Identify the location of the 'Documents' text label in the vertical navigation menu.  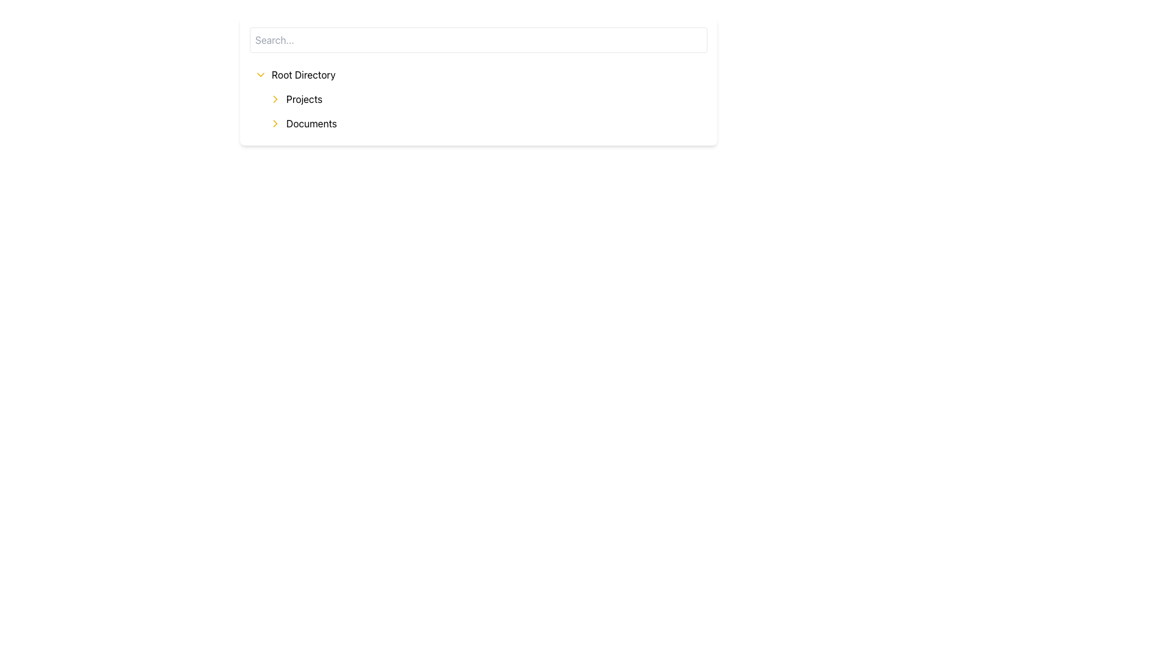
(311, 124).